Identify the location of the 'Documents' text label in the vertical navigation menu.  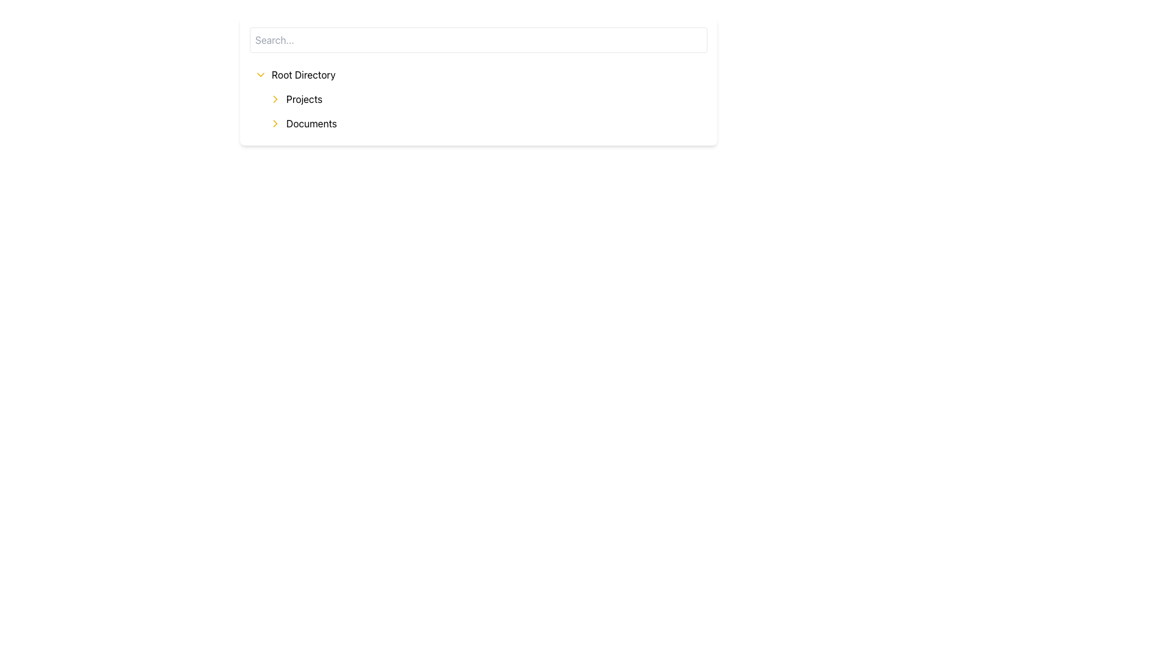
(311, 124).